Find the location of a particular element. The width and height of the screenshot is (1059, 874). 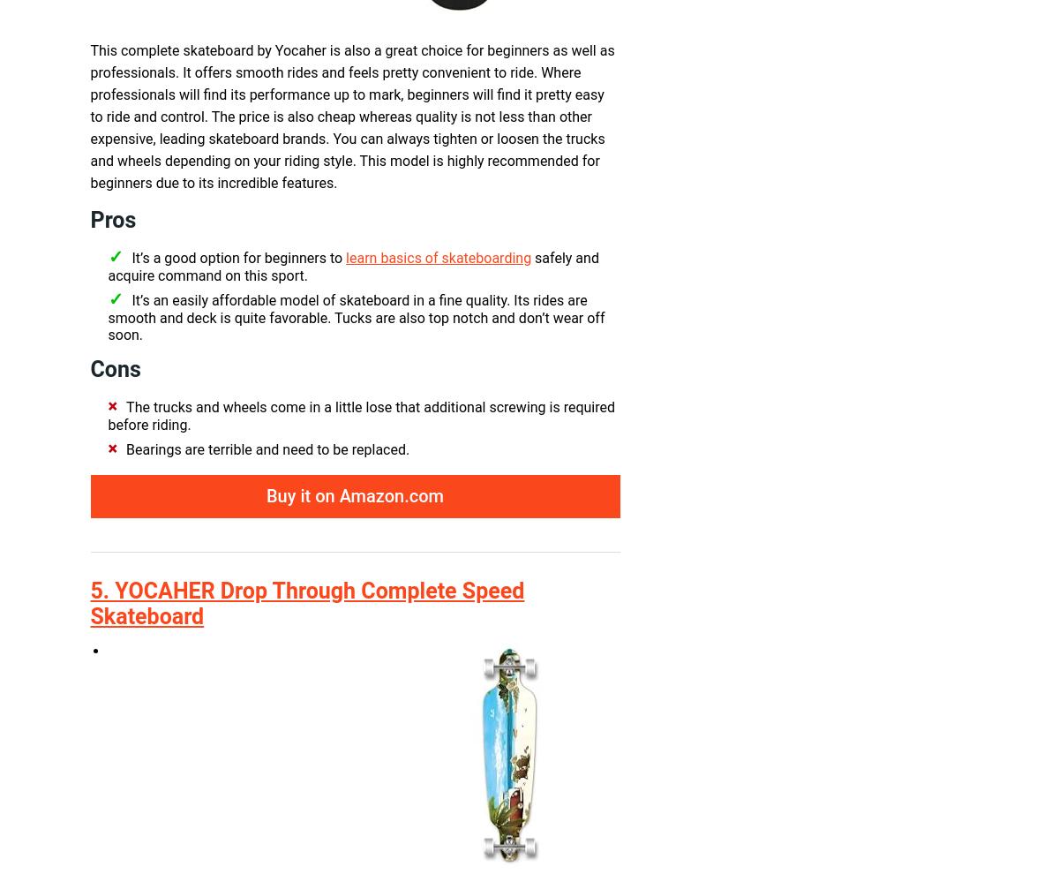

'Buy it on Amazon.com' is located at coordinates (355, 496).